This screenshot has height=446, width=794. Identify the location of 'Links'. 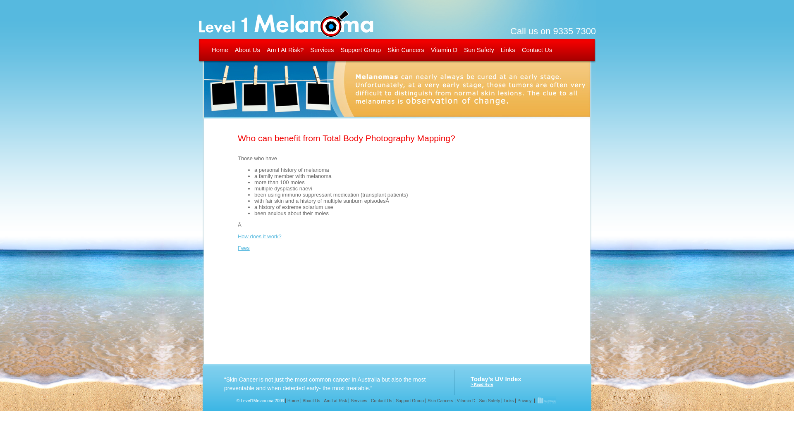
(500, 50).